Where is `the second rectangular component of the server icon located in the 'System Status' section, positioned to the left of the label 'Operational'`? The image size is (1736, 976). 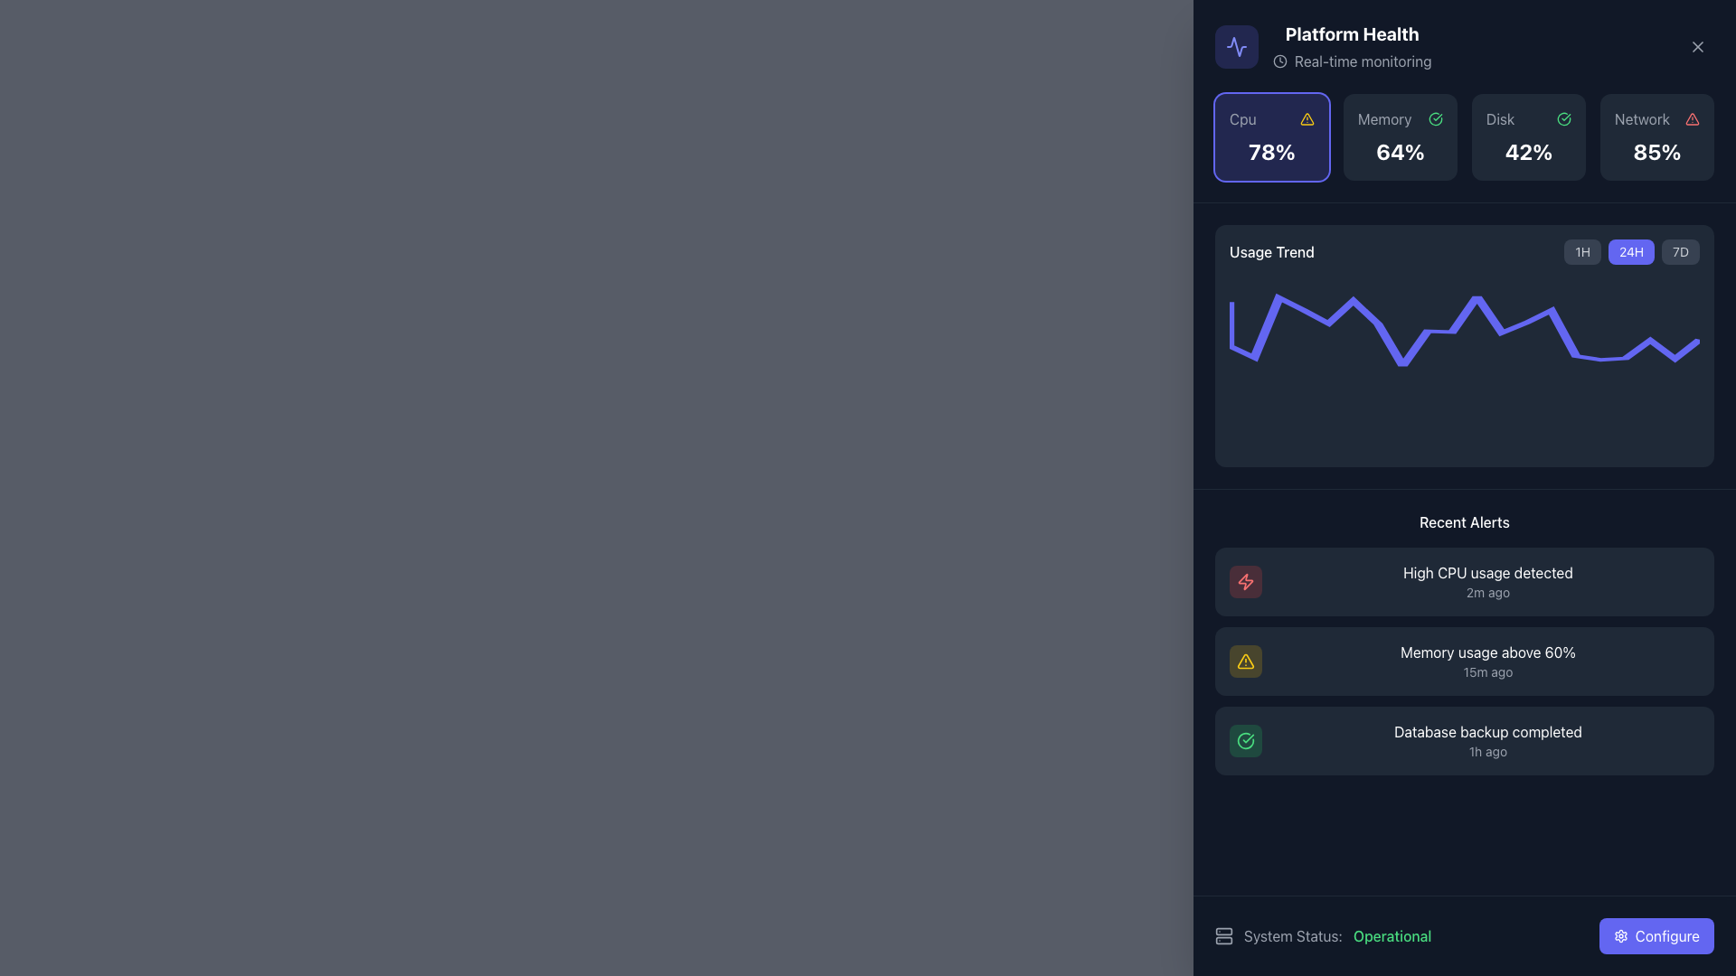 the second rectangular component of the server icon located in the 'System Status' section, positioned to the left of the label 'Operational' is located at coordinates (1223, 940).